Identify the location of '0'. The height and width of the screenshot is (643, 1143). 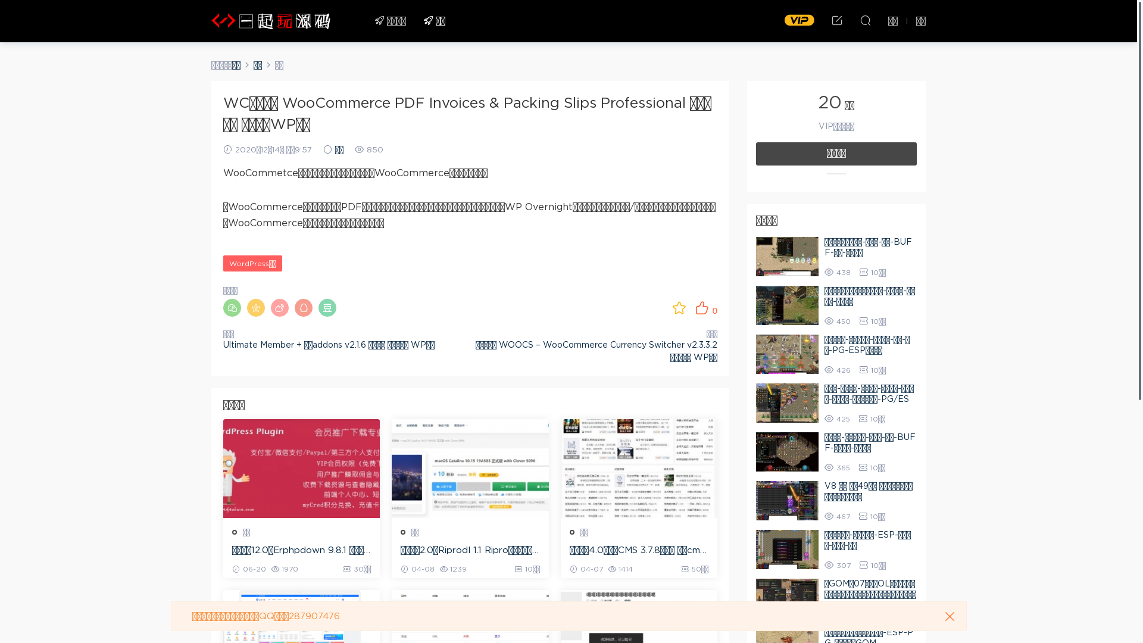
(694, 307).